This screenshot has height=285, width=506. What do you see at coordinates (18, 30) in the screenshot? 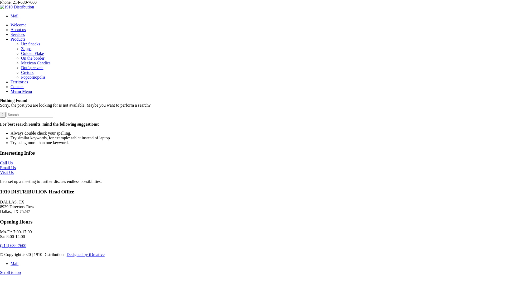
I see `'About us'` at bounding box center [18, 30].